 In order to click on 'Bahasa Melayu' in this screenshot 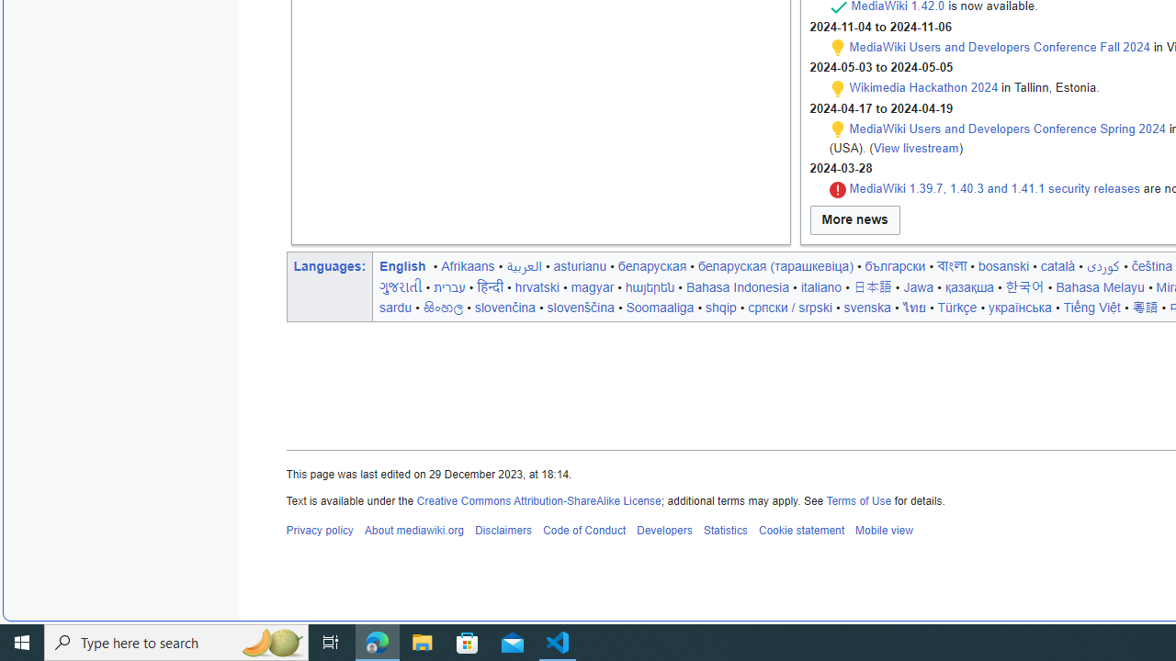, I will do `click(1100, 286)`.